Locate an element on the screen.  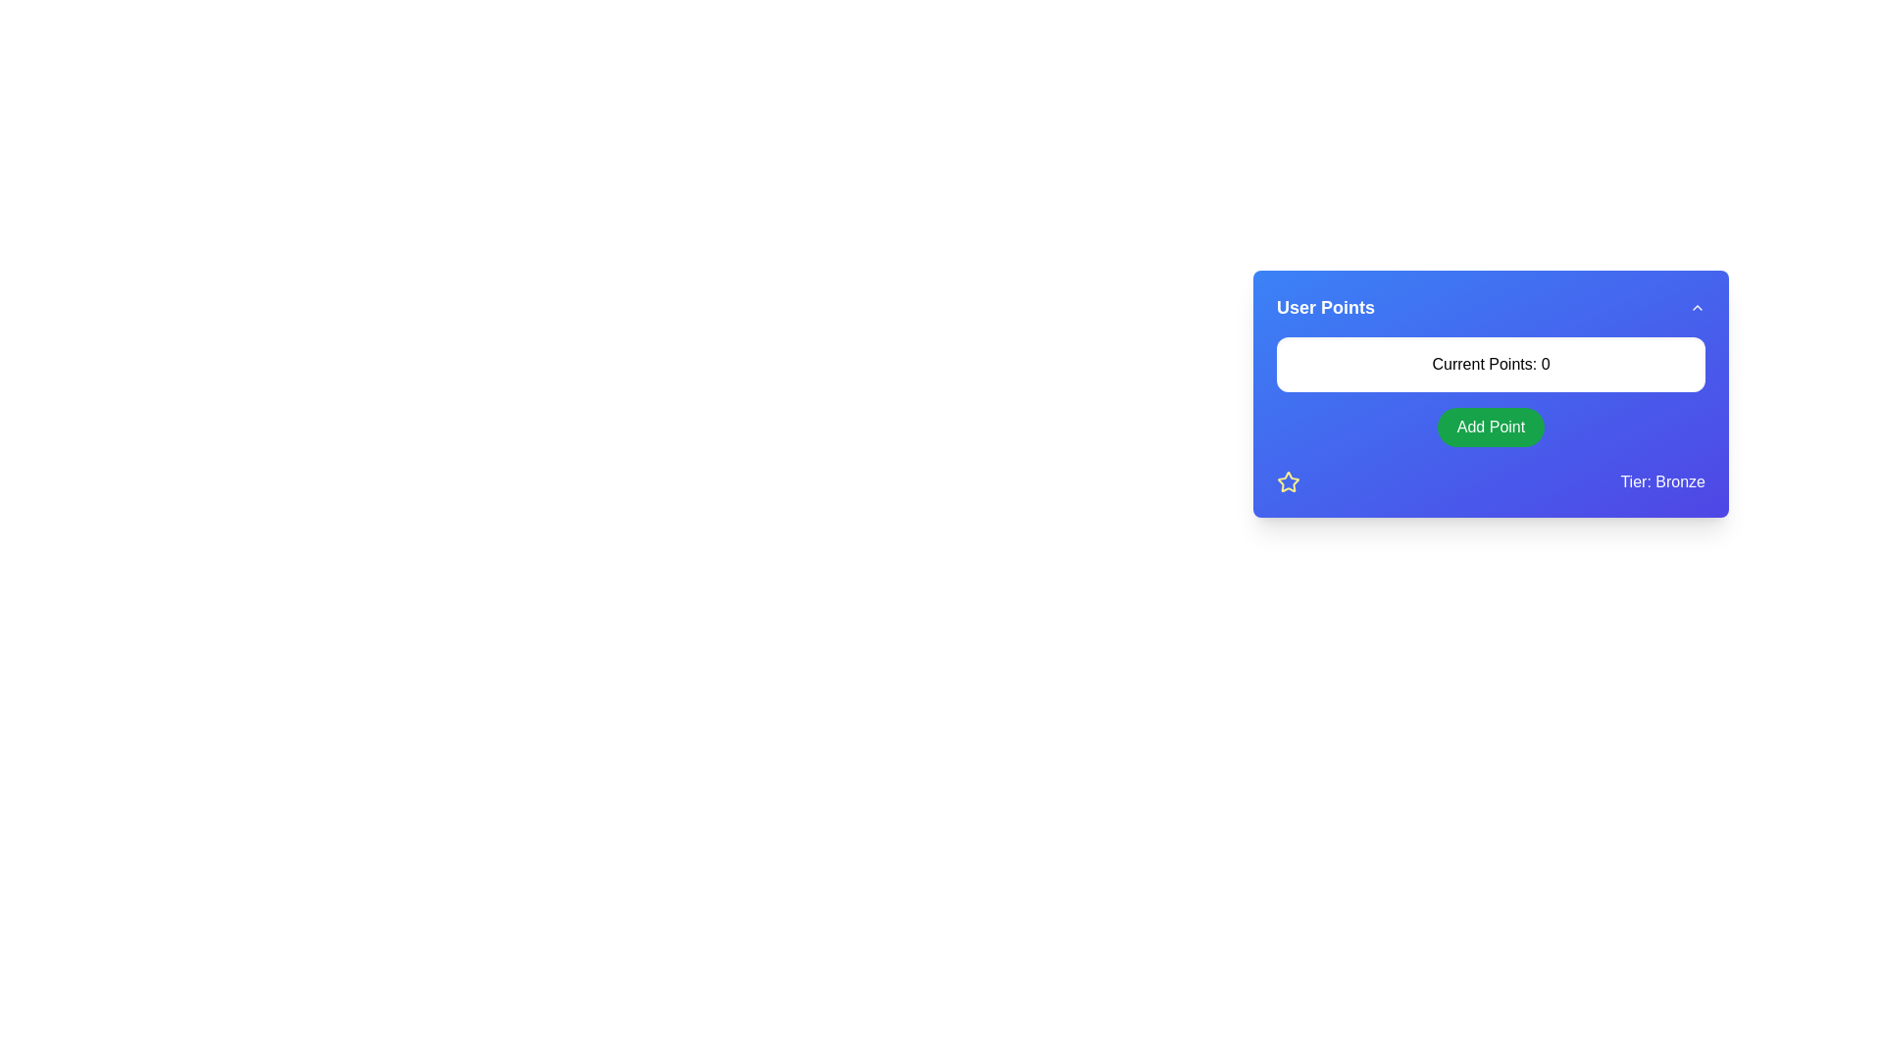
the non-interactive text label indicating the section's purpose for user points, which is located near the top-left corner of a blue panel is located at coordinates (1326, 307).